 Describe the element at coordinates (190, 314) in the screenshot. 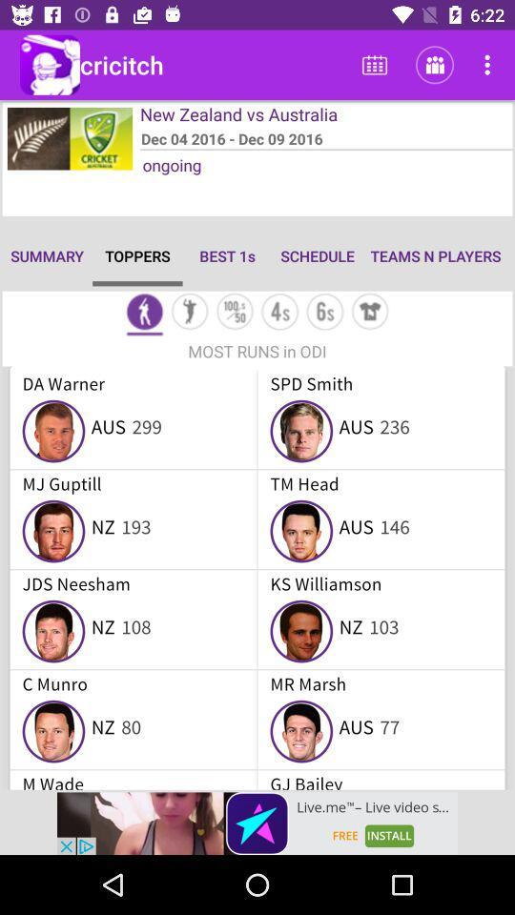

I see `the avatar icon` at that location.